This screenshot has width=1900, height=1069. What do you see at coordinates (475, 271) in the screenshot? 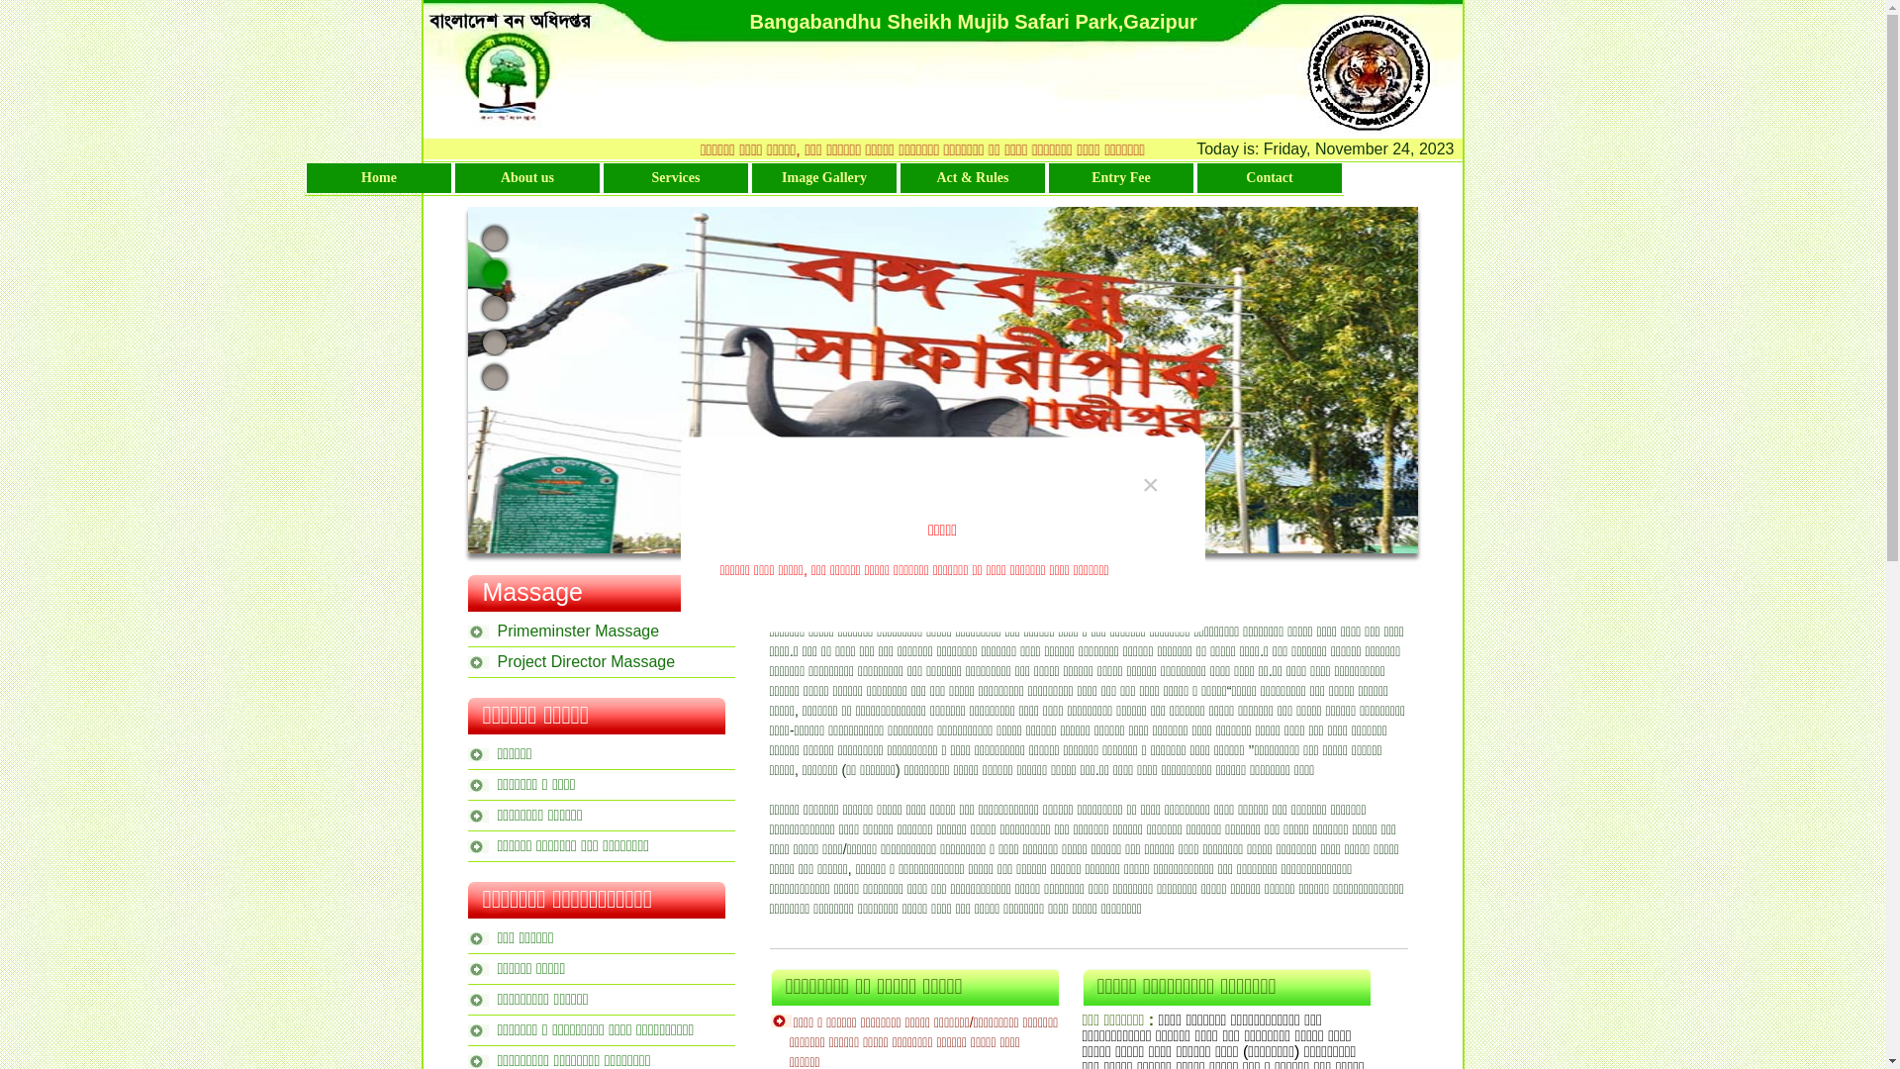
I see `'2'` at bounding box center [475, 271].